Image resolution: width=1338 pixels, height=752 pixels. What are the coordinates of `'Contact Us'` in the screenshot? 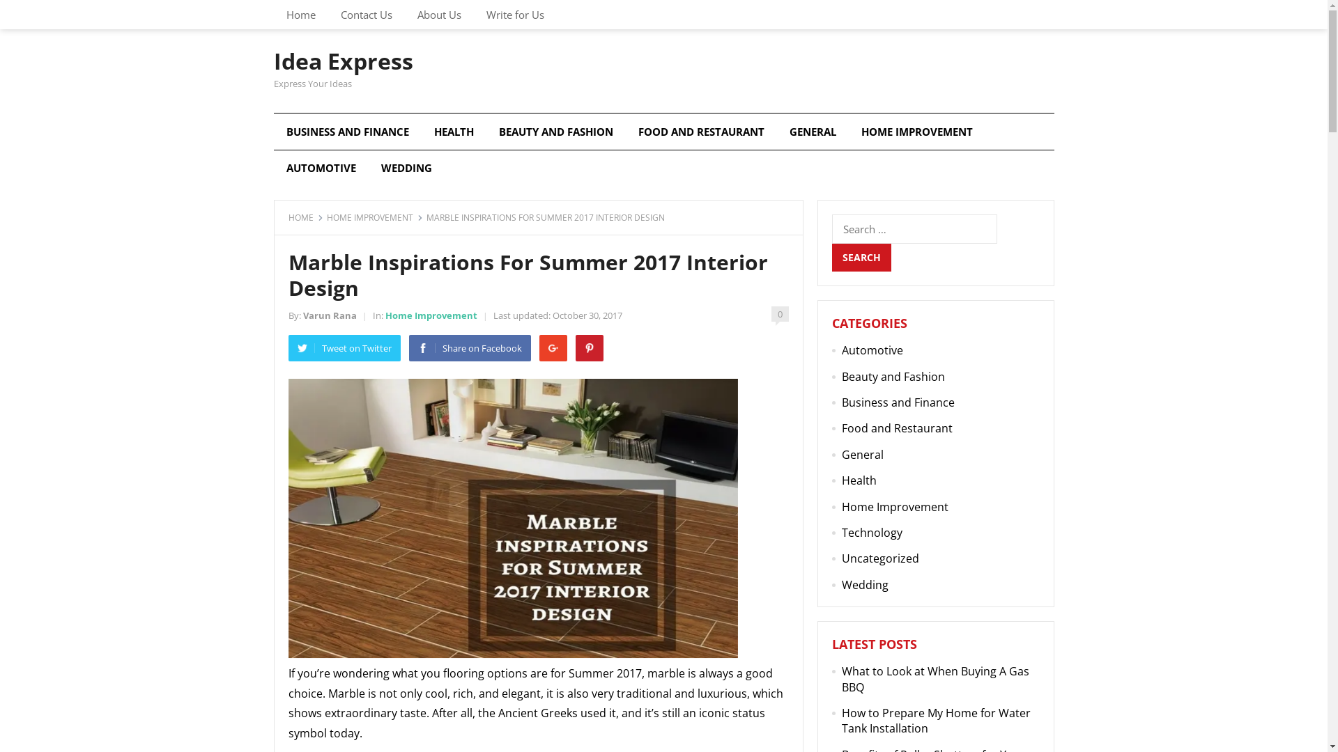 It's located at (365, 14).